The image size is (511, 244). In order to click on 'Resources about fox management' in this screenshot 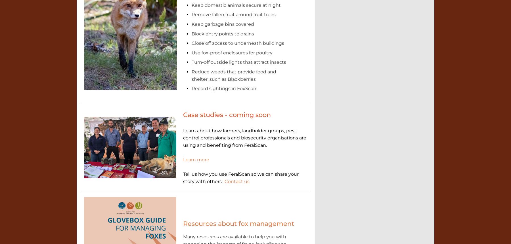, I will do `click(238, 223)`.